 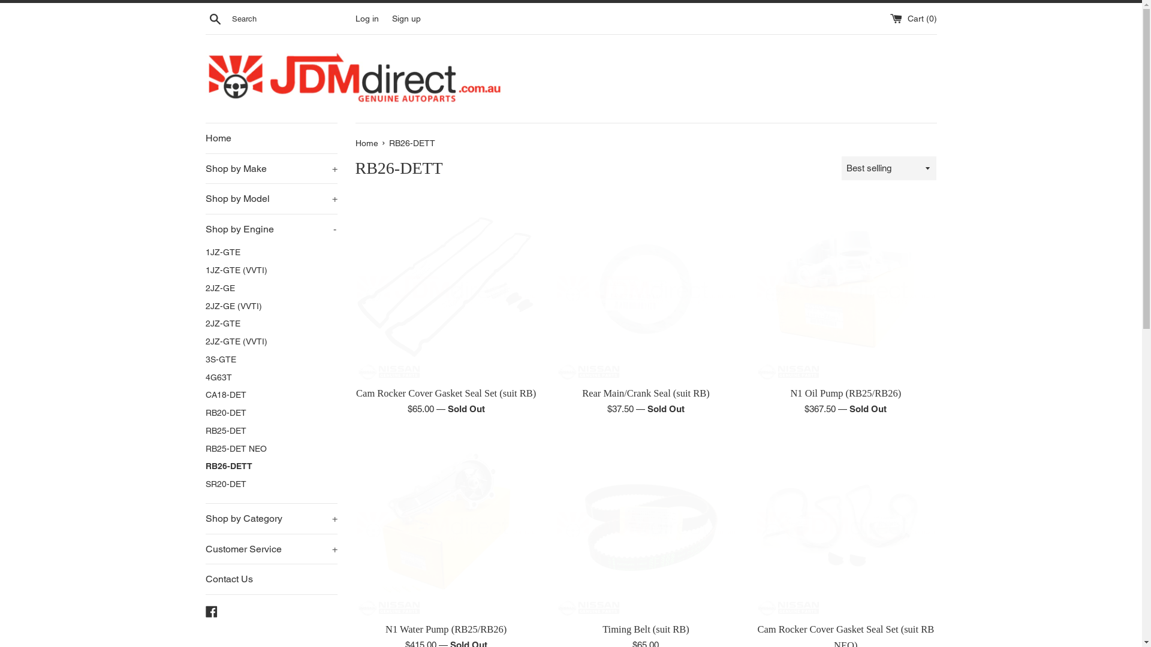 What do you see at coordinates (645, 628) in the screenshot?
I see `'Timing Belt (suit RB)'` at bounding box center [645, 628].